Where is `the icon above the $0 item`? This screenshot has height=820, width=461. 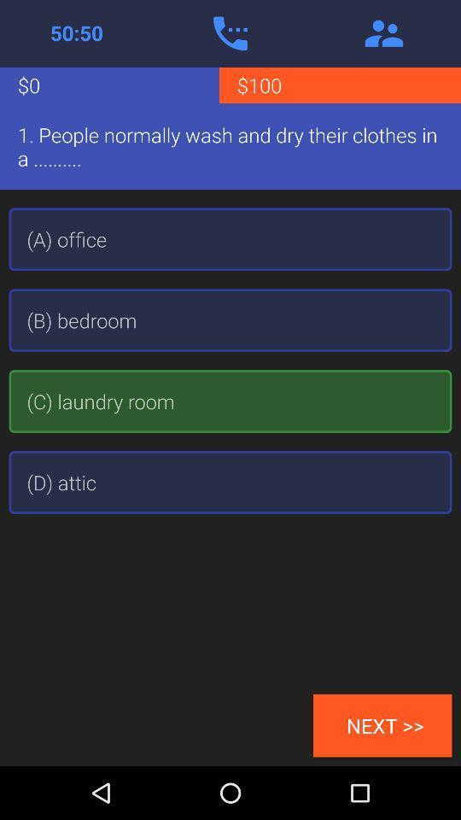
the icon above the $0 item is located at coordinates (76, 32).